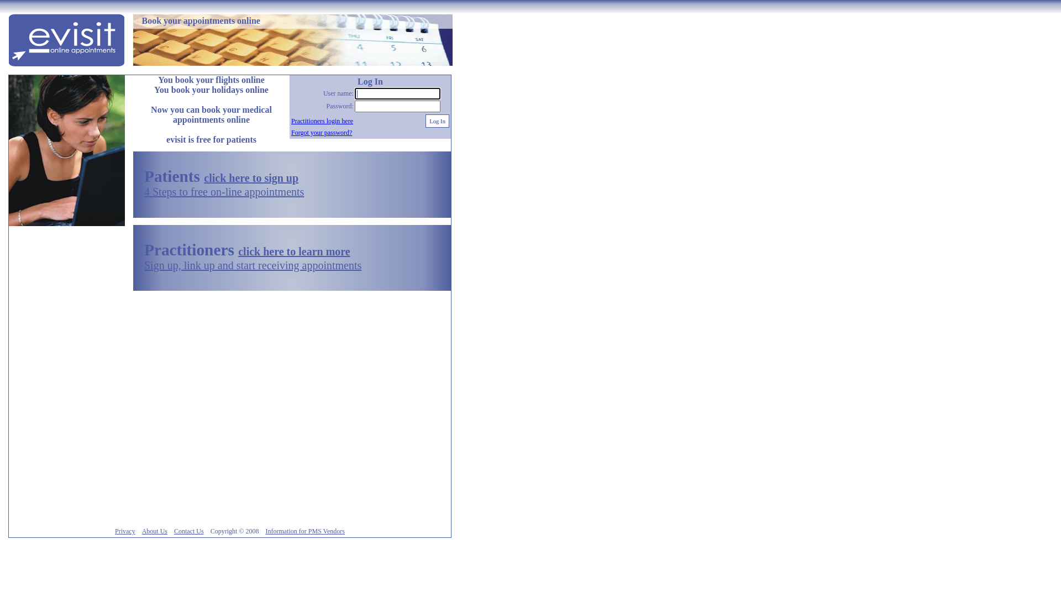 This screenshot has width=1061, height=597. Describe the element at coordinates (204, 177) in the screenshot. I see `'click here to sign up'` at that location.